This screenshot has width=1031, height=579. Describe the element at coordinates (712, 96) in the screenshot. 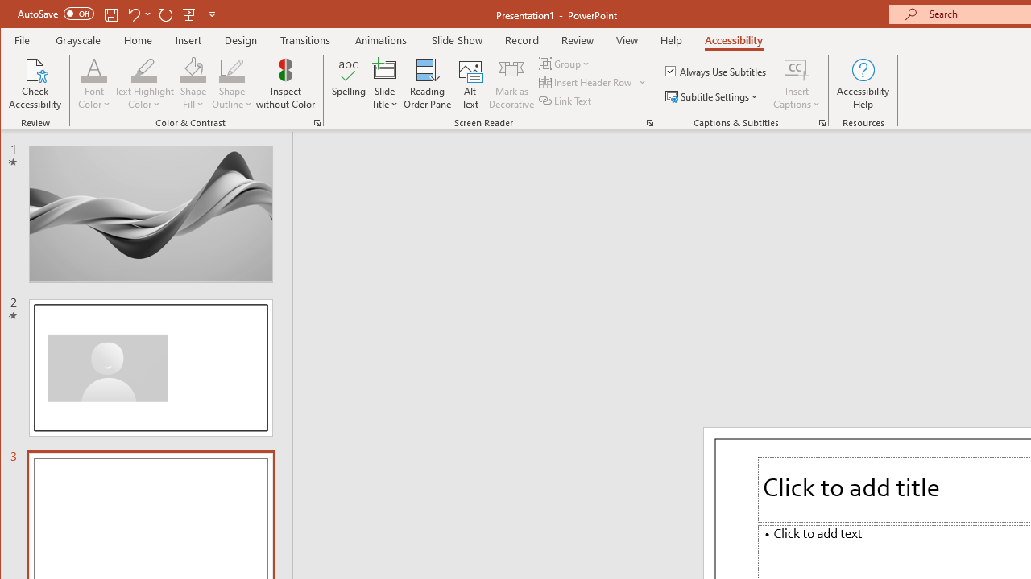

I see `'Subtitle Settings'` at that location.